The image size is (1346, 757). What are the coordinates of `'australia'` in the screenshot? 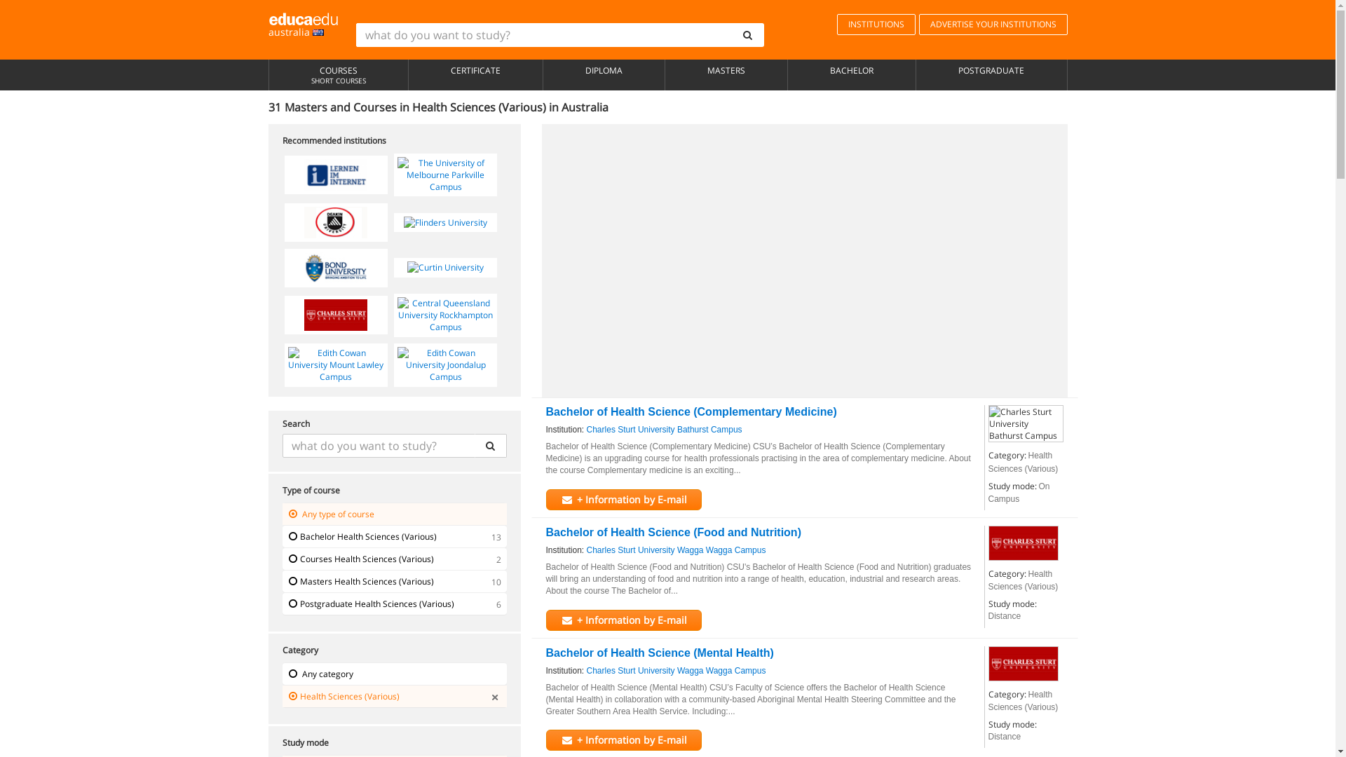 It's located at (302, 24).